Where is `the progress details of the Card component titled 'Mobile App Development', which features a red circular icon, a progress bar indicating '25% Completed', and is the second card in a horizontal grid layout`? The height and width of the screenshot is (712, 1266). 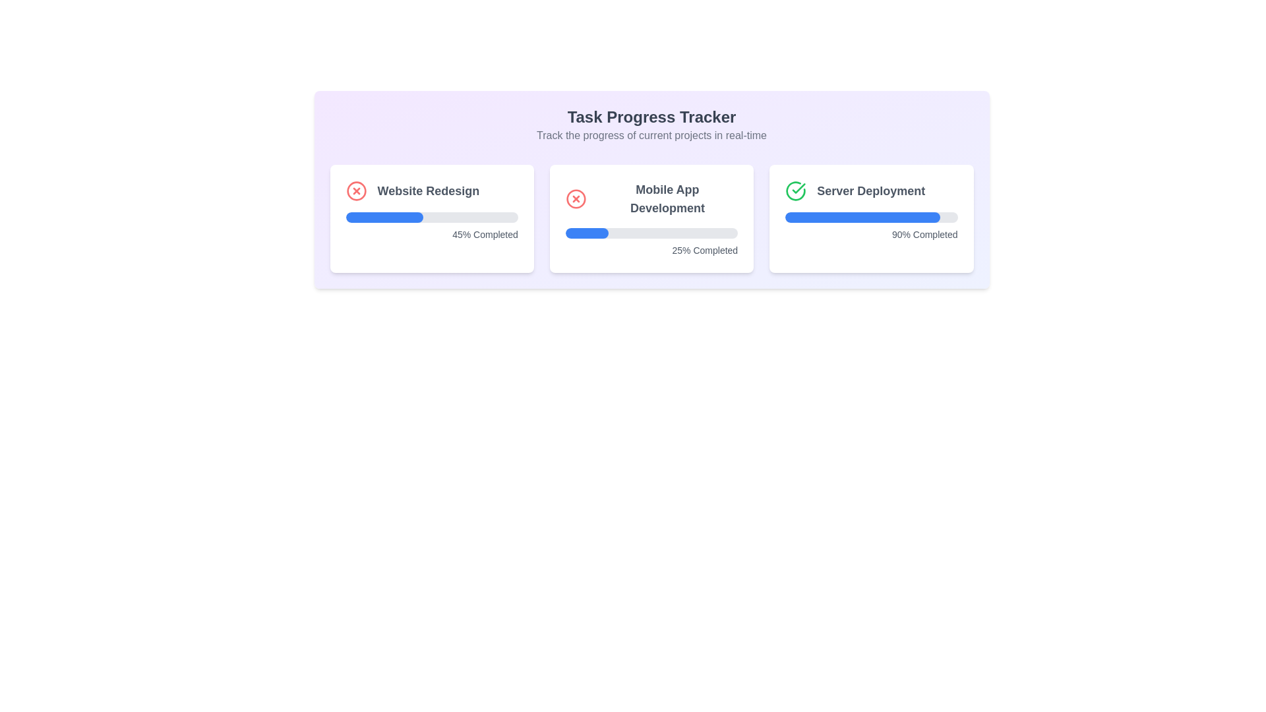
the progress details of the Card component titled 'Mobile App Development', which features a red circular icon, a progress bar indicating '25% Completed', and is the second card in a horizontal grid layout is located at coordinates (651, 218).